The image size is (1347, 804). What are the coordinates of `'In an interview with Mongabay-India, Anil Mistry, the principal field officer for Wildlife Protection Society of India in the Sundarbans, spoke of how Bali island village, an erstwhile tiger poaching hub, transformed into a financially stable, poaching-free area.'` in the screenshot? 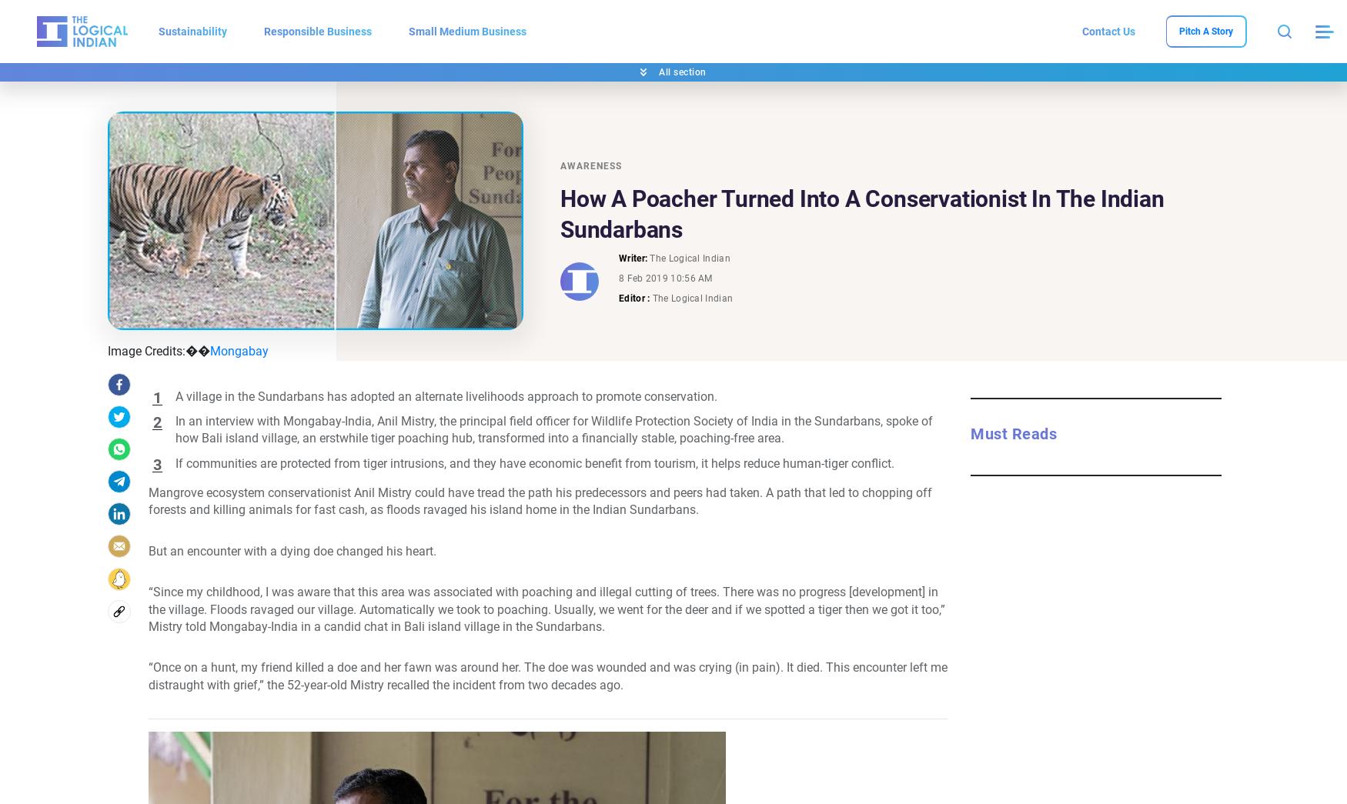 It's located at (553, 429).